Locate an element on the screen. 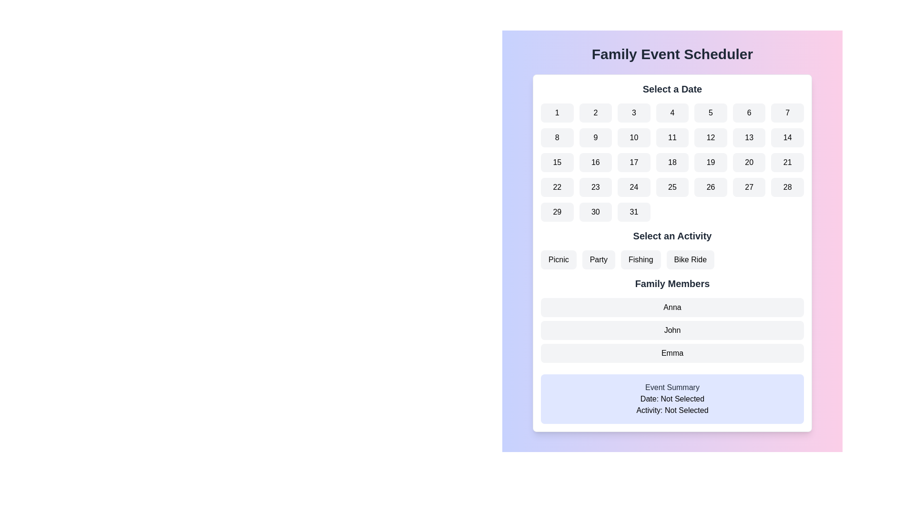  the rounded rectangular button labeled '24' in the Date Selector section is located at coordinates (634, 187).